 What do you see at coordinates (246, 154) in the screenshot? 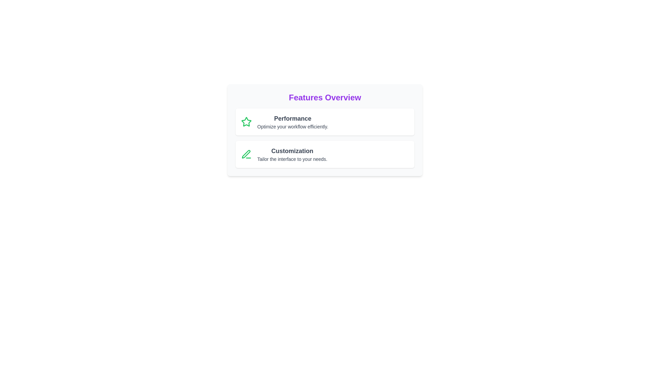
I see `the customization icon located beside the 'Customization' title in the second row of the card layout` at bounding box center [246, 154].